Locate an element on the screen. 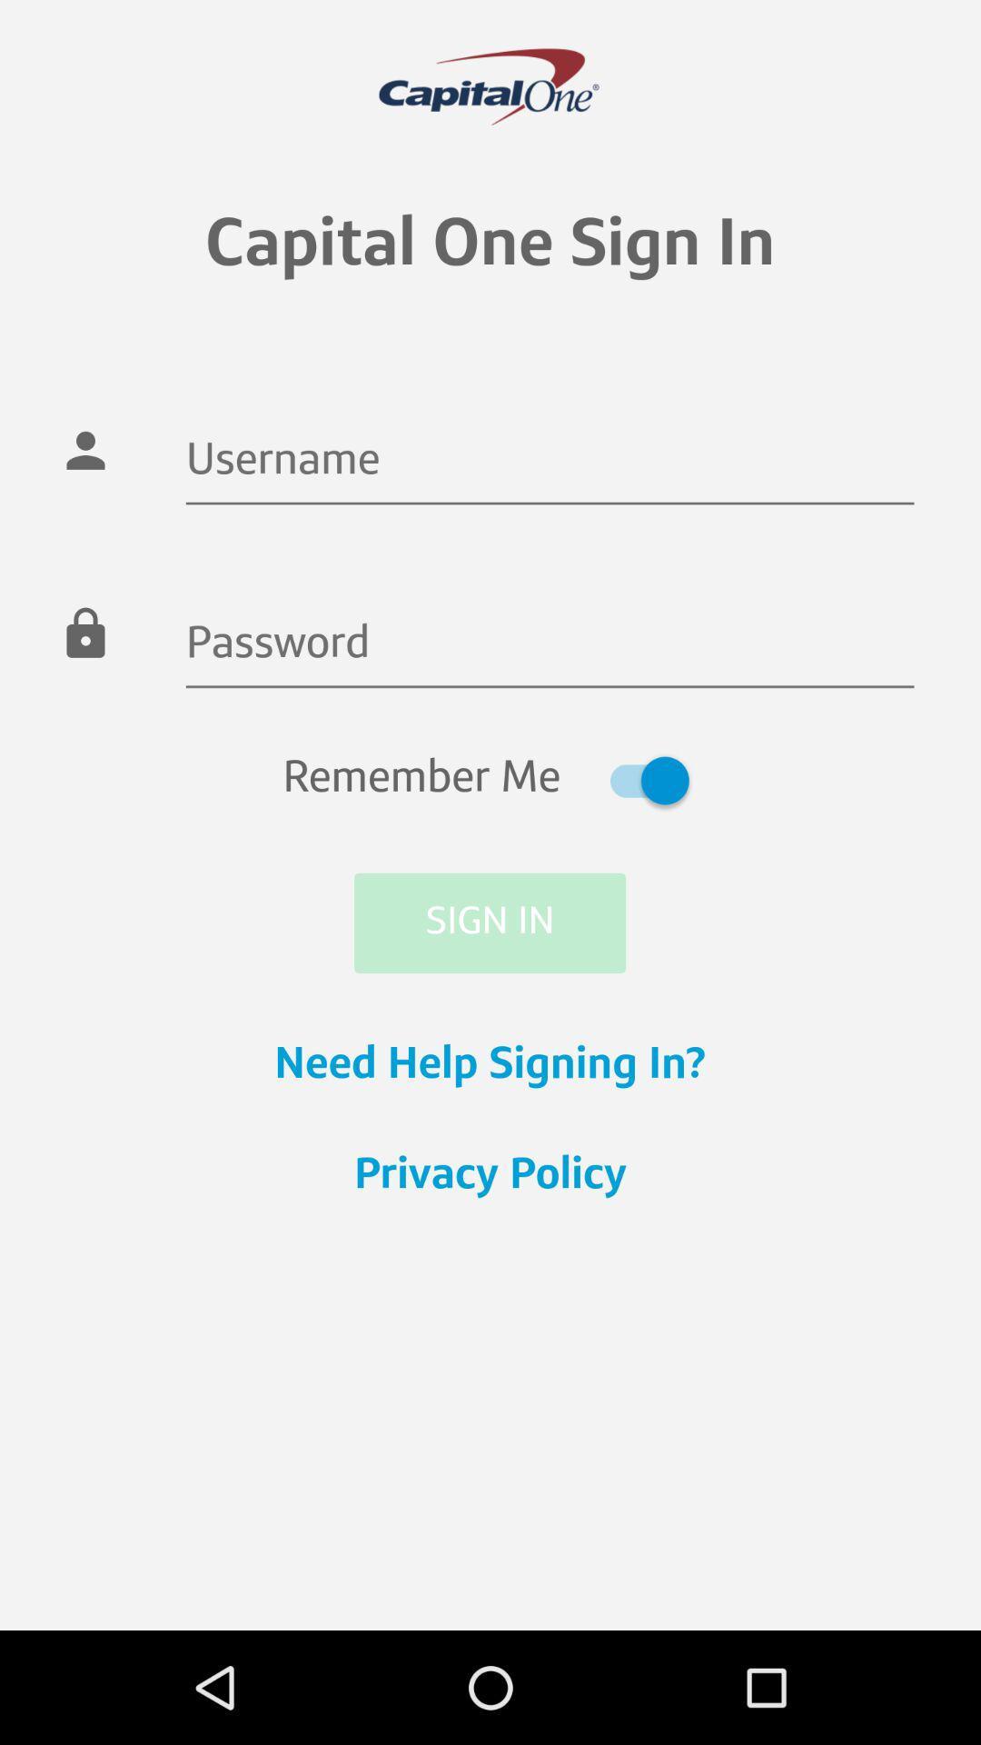  privacy policy item is located at coordinates (490, 1177).